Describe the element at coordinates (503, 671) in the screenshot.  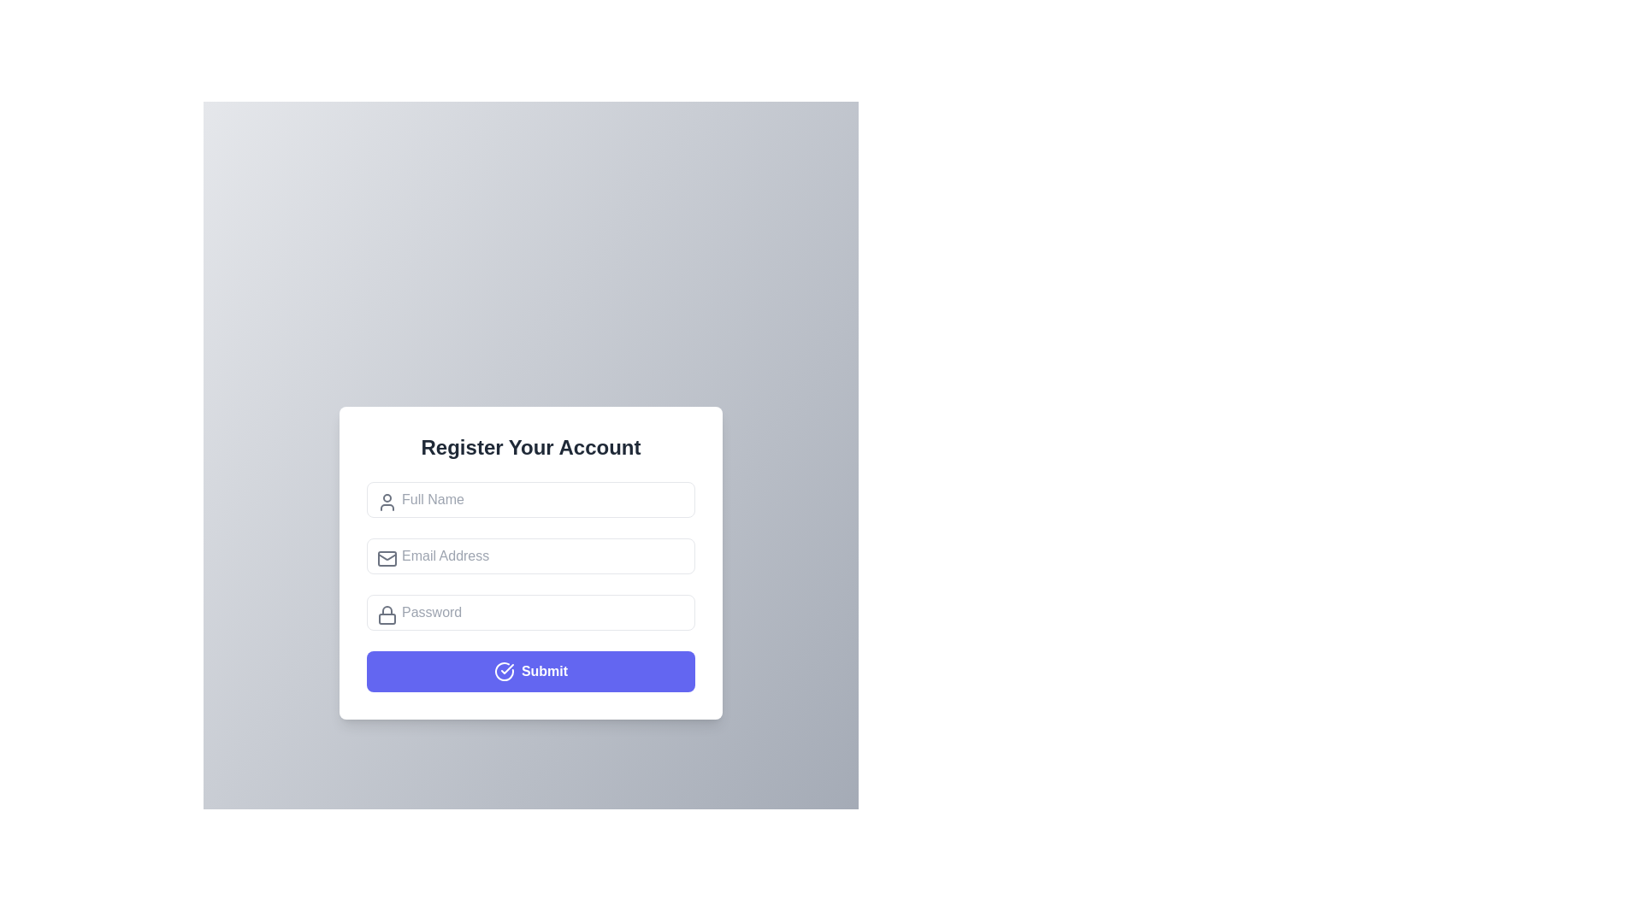
I see `the icon located to the left of the 'Submit' text within the blue button at the bottom of the registration form, indicating its interactive status` at that location.